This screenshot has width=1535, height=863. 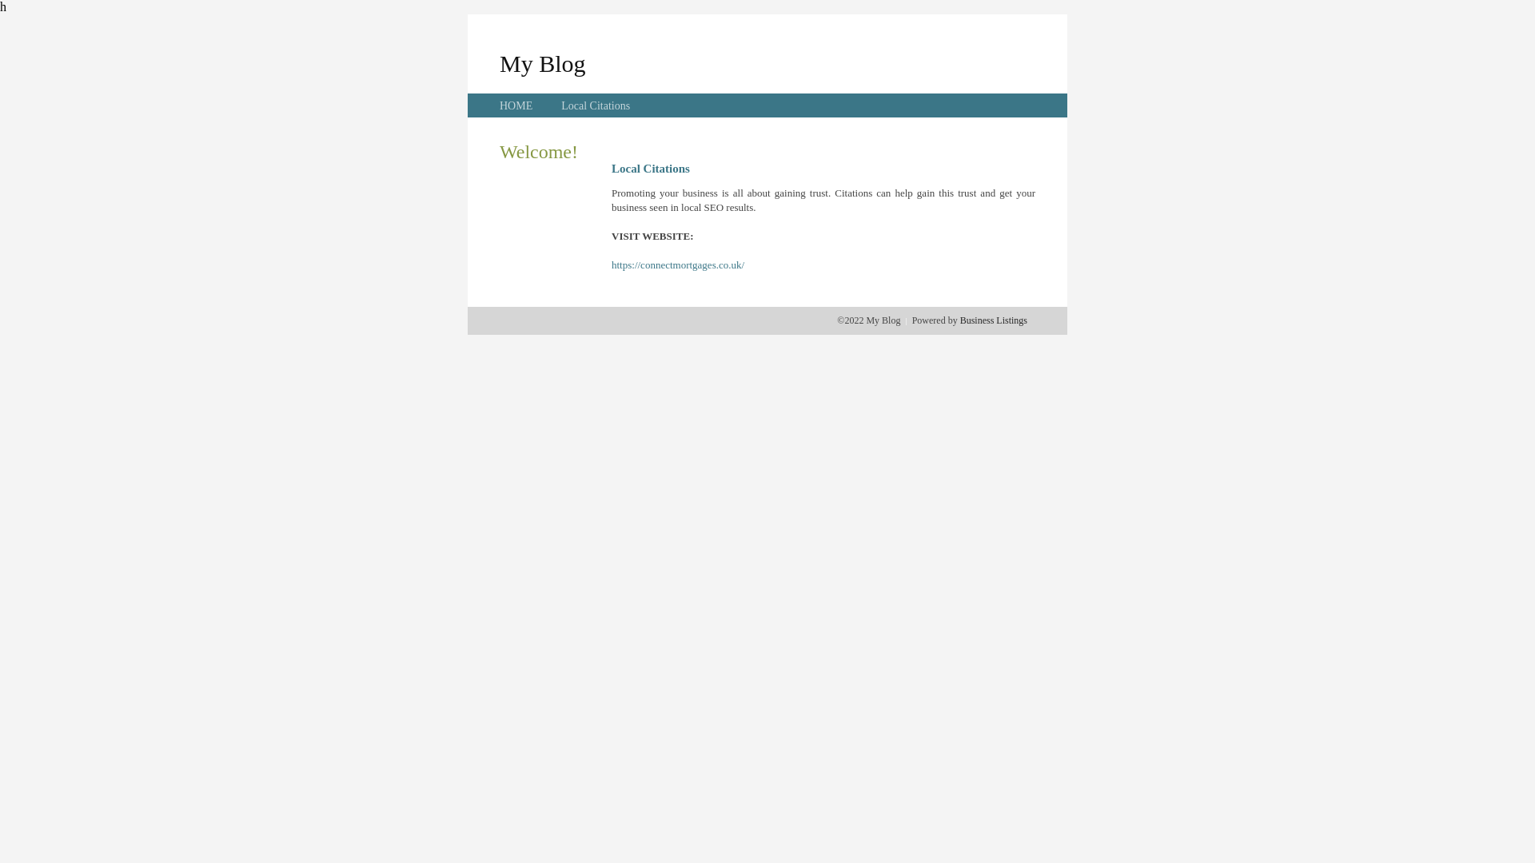 I want to click on 'HOME', so click(x=516, y=105).